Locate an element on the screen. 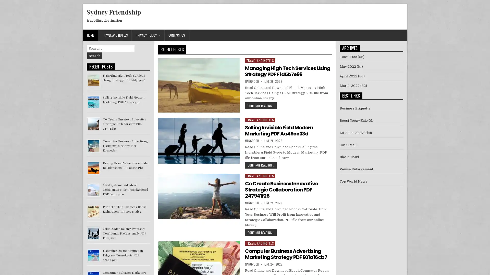  Search is located at coordinates (94, 56).